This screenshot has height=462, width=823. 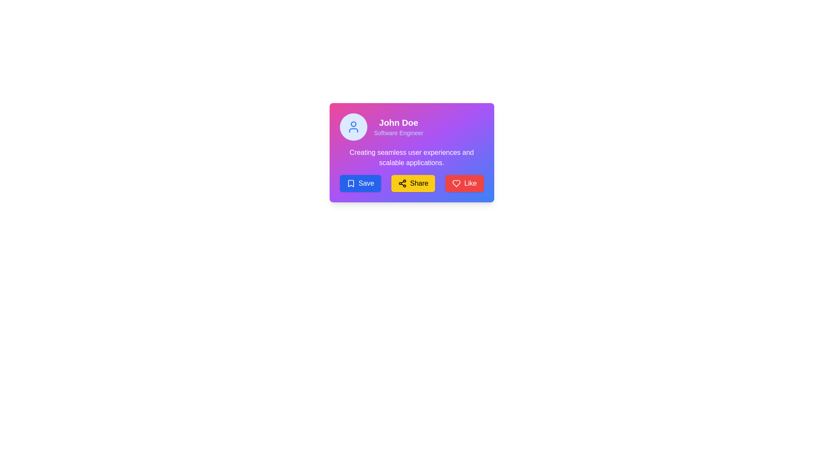 I want to click on styles of the Text block displaying 'John Doe' and 'Software Engineer', located in the upper-right portion of the card adjacent to the avatar icon, so click(x=398, y=127).